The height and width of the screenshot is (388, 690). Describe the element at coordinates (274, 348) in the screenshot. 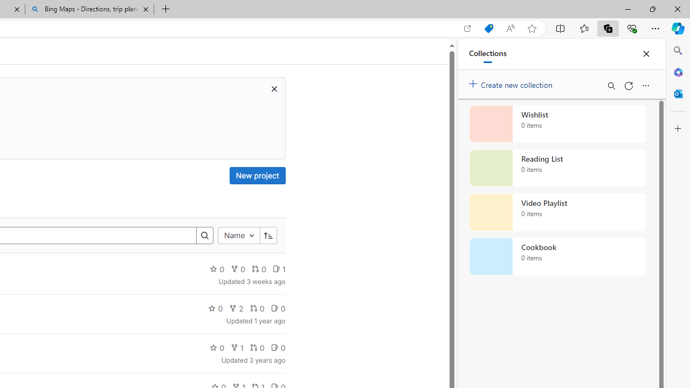

I see `'Class: s14 gl-mr-2'` at that location.